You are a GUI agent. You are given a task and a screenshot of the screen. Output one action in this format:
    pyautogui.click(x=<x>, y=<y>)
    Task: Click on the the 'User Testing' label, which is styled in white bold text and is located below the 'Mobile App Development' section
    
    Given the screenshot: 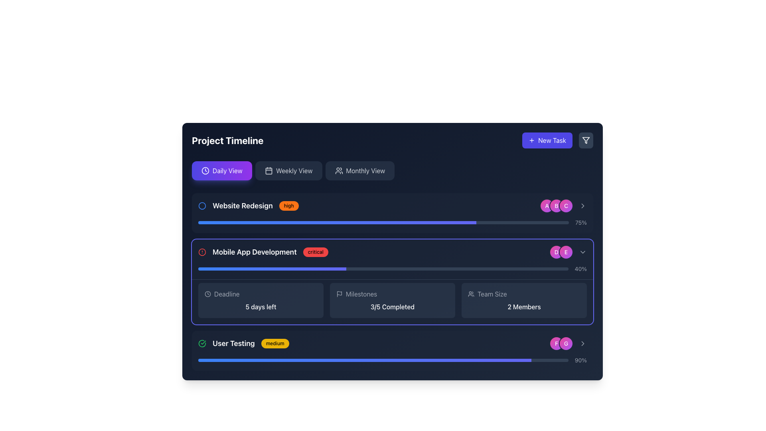 What is the action you would take?
    pyautogui.click(x=233, y=343)
    